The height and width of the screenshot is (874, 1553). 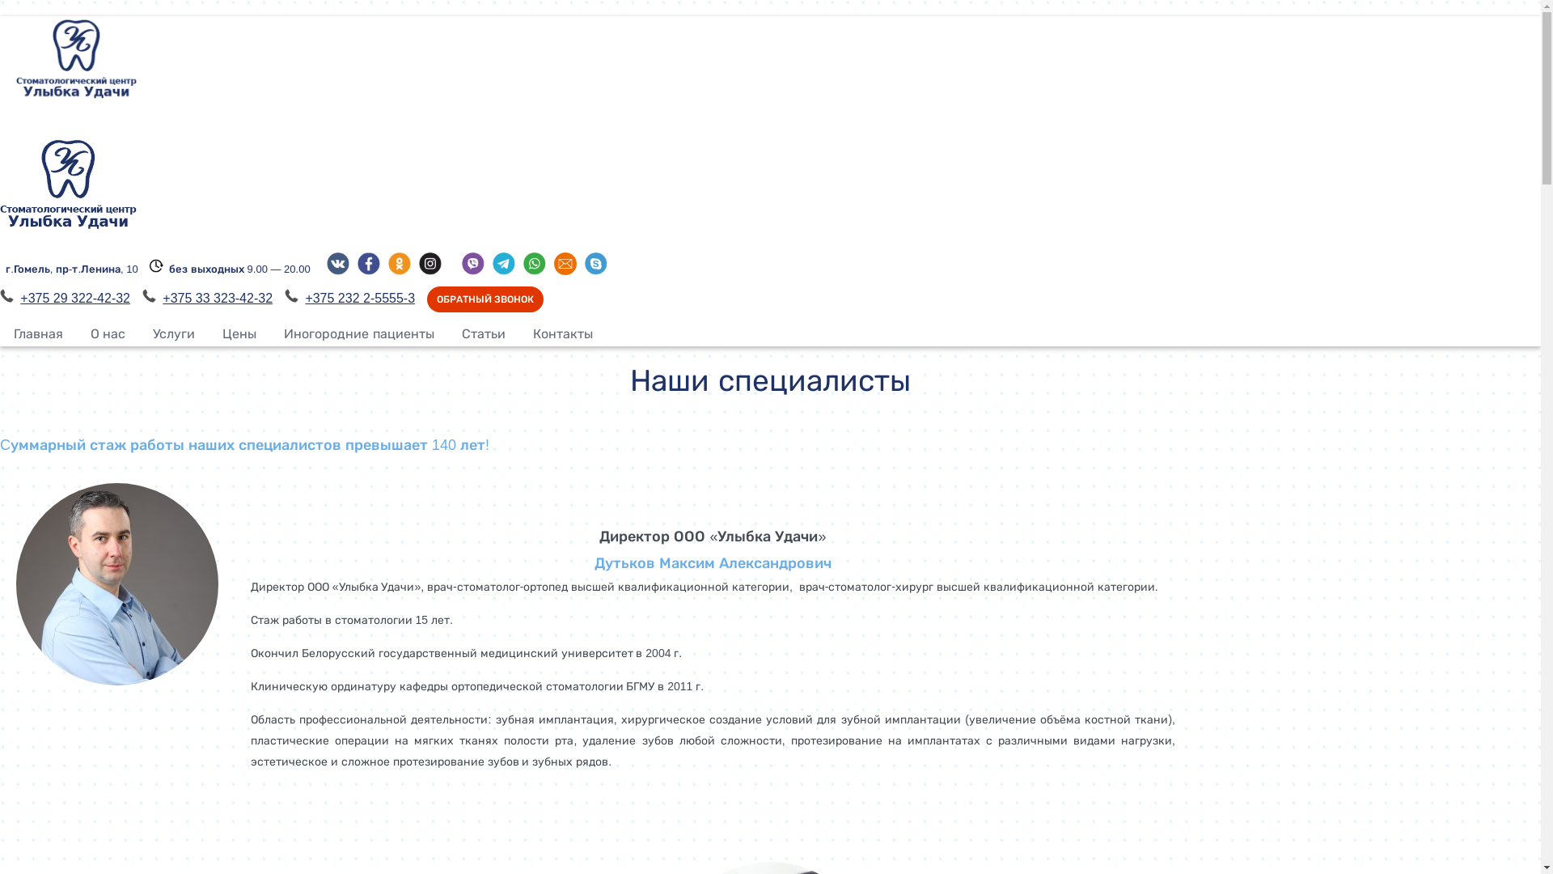 What do you see at coordinates (595, 268) in the screenshot?
I see `'Skype'` at bounding box center [595, 268].